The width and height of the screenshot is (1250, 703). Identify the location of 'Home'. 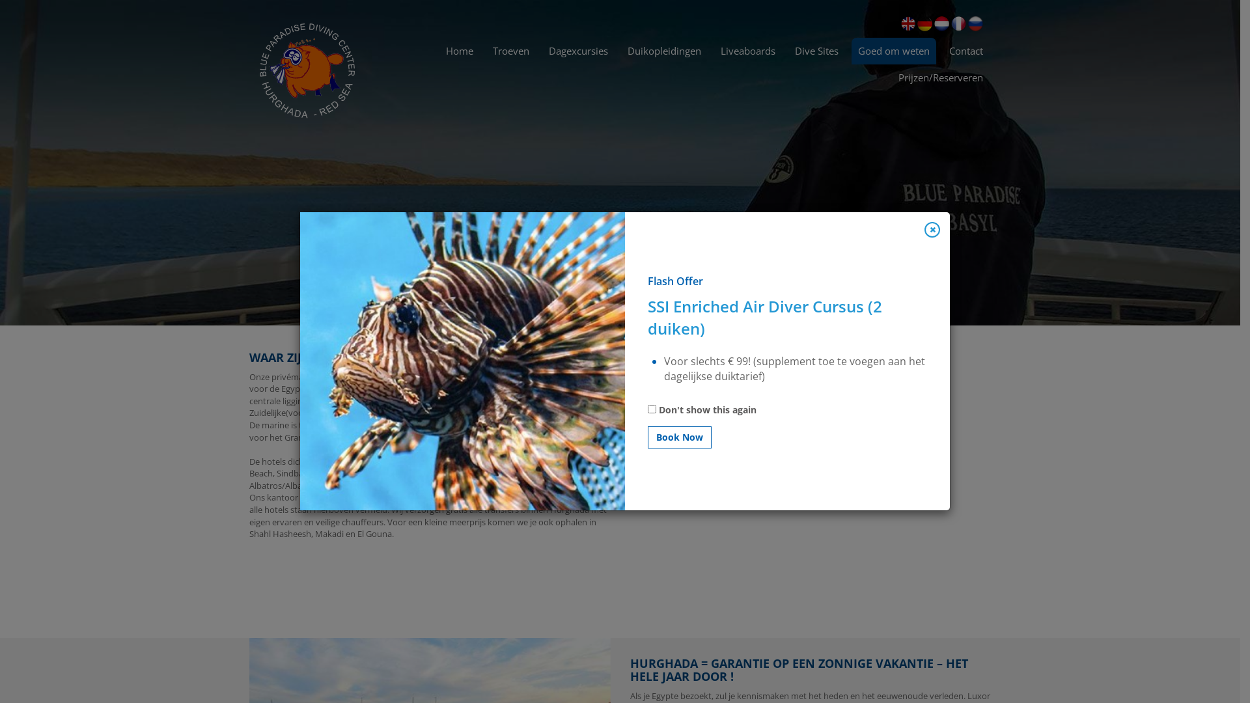
(459, 50).